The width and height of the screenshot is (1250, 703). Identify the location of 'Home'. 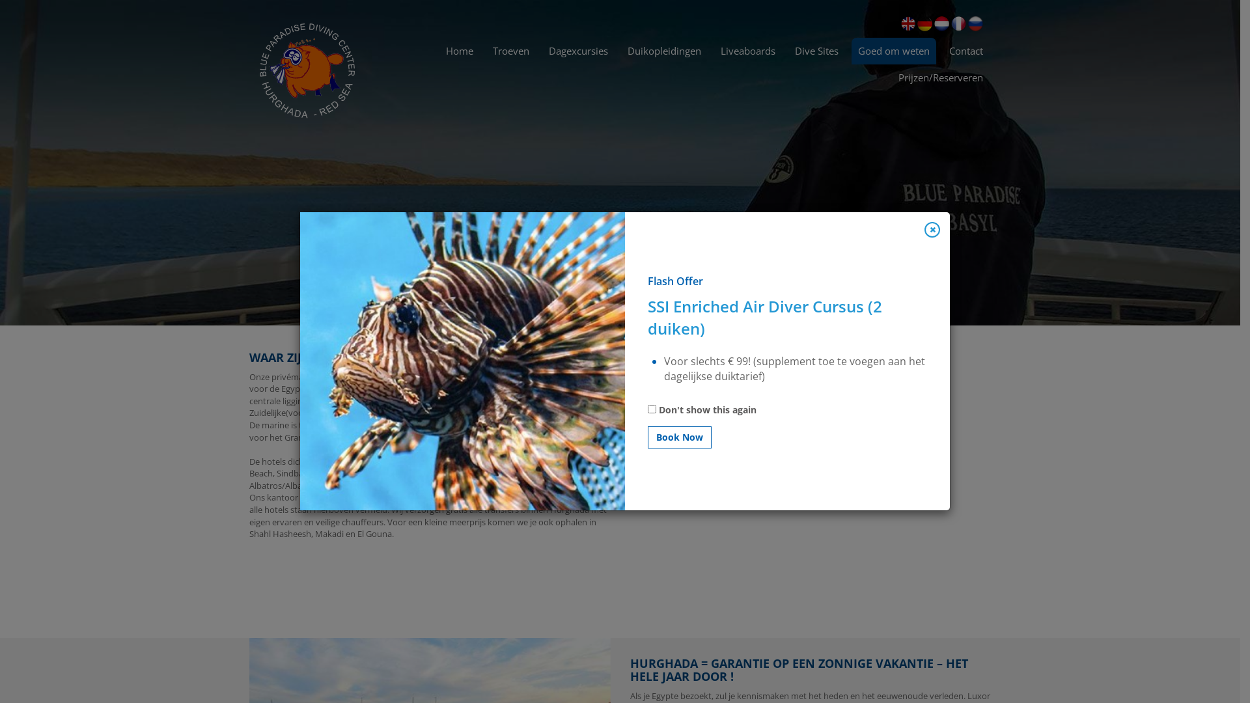
(459, 50).